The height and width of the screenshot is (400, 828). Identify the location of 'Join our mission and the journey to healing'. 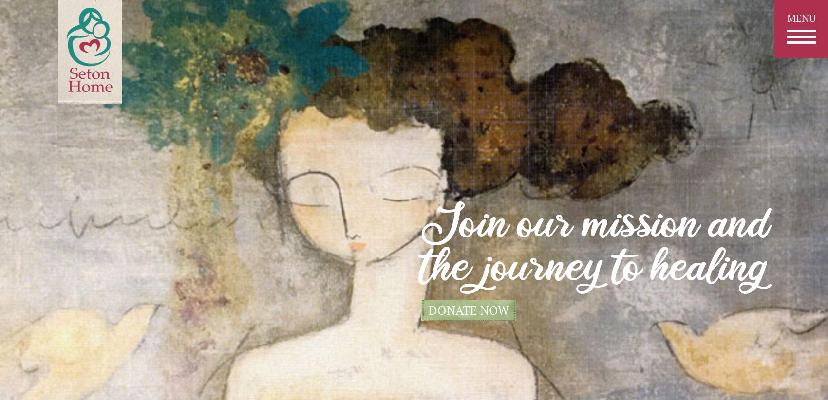
(596, 249).